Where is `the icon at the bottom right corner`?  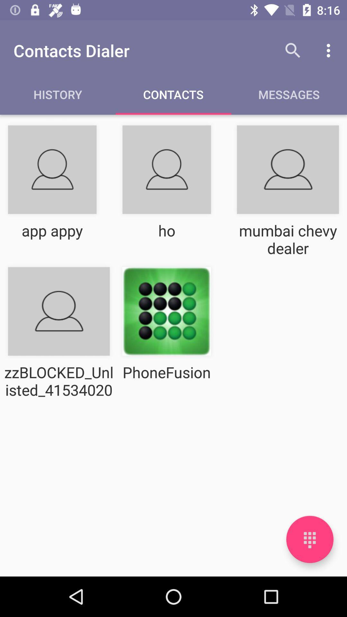
the icon at the bottom right corner is located at coordinates (309, 539).